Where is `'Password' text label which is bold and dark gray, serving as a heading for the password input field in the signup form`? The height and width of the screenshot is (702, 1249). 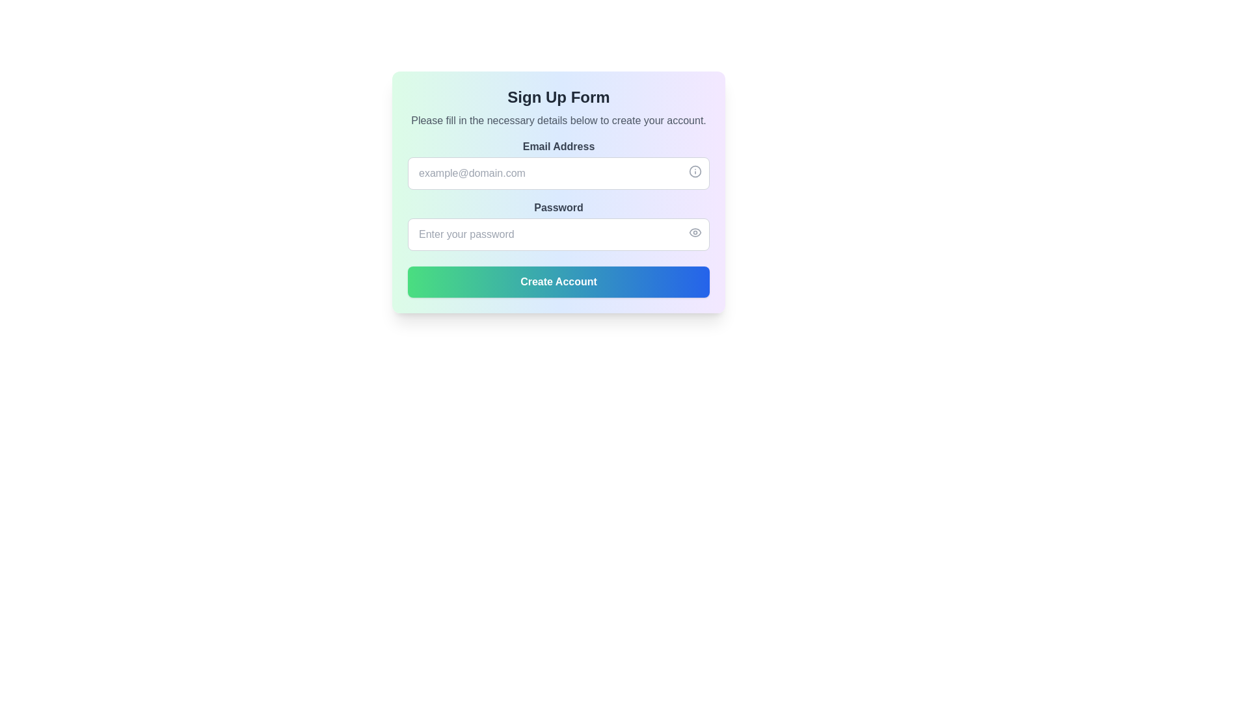 'Password' text label which is bold and dark gray, serving as a heading for the password input field in the signup form is located at coordinates (559, 207).